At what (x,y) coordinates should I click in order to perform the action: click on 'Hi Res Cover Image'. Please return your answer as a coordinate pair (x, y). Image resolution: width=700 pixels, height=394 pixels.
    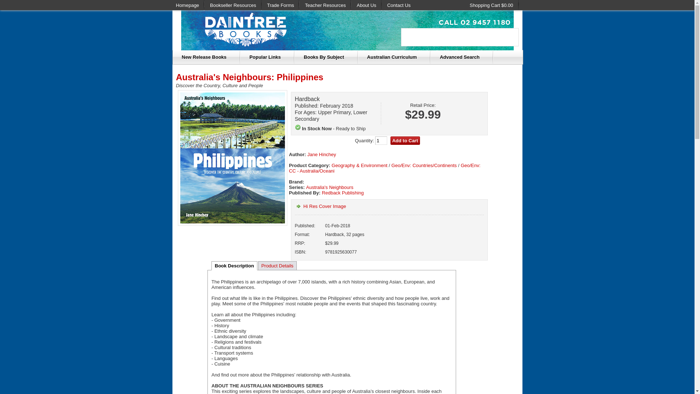
    Looking at the image, I should click on (320, 206).